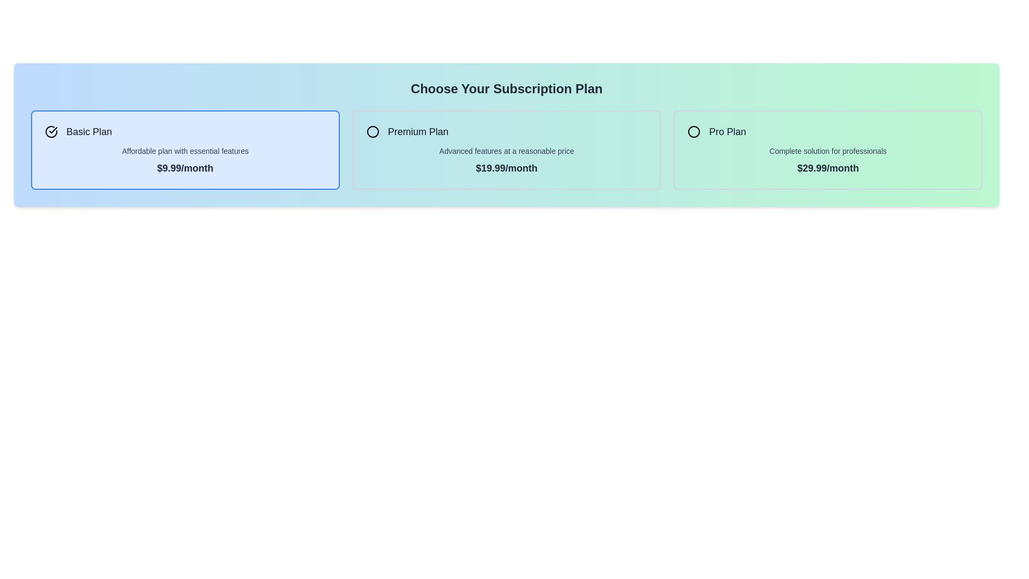  Describe the element at coordinates (694, 131) in the screenshot. I see `the Circle graphic element located in the 'Pro Plan' subscription option, positioned to the right of the 'Premium Plan' option, near its top left corner` at that location.